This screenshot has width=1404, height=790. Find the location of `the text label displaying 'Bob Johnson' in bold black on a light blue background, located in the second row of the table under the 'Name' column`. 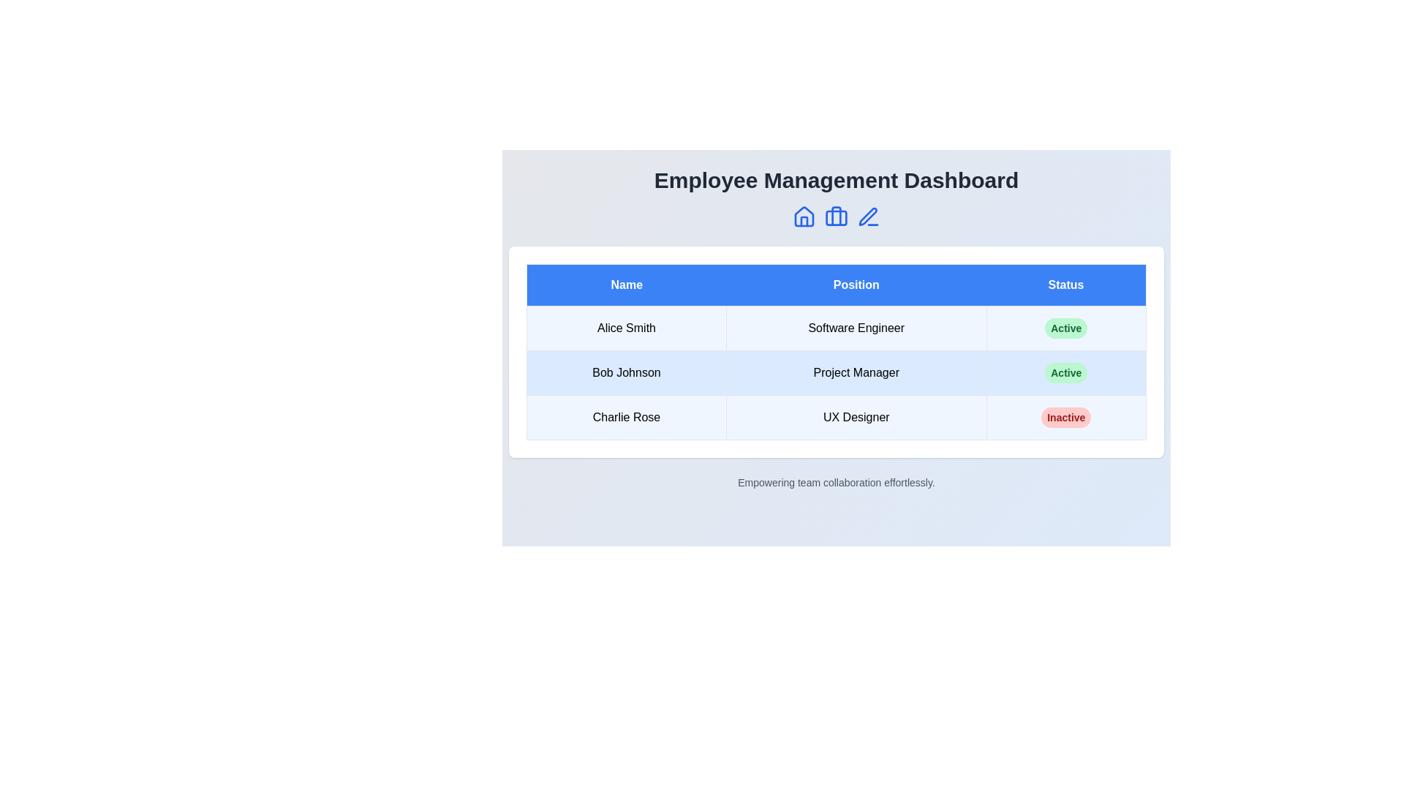

the text label displaying 'Bob Johnson' in bold black on a light blue background, located in the second row of the table under the 'Name' column is located at coordinates (626, 372).